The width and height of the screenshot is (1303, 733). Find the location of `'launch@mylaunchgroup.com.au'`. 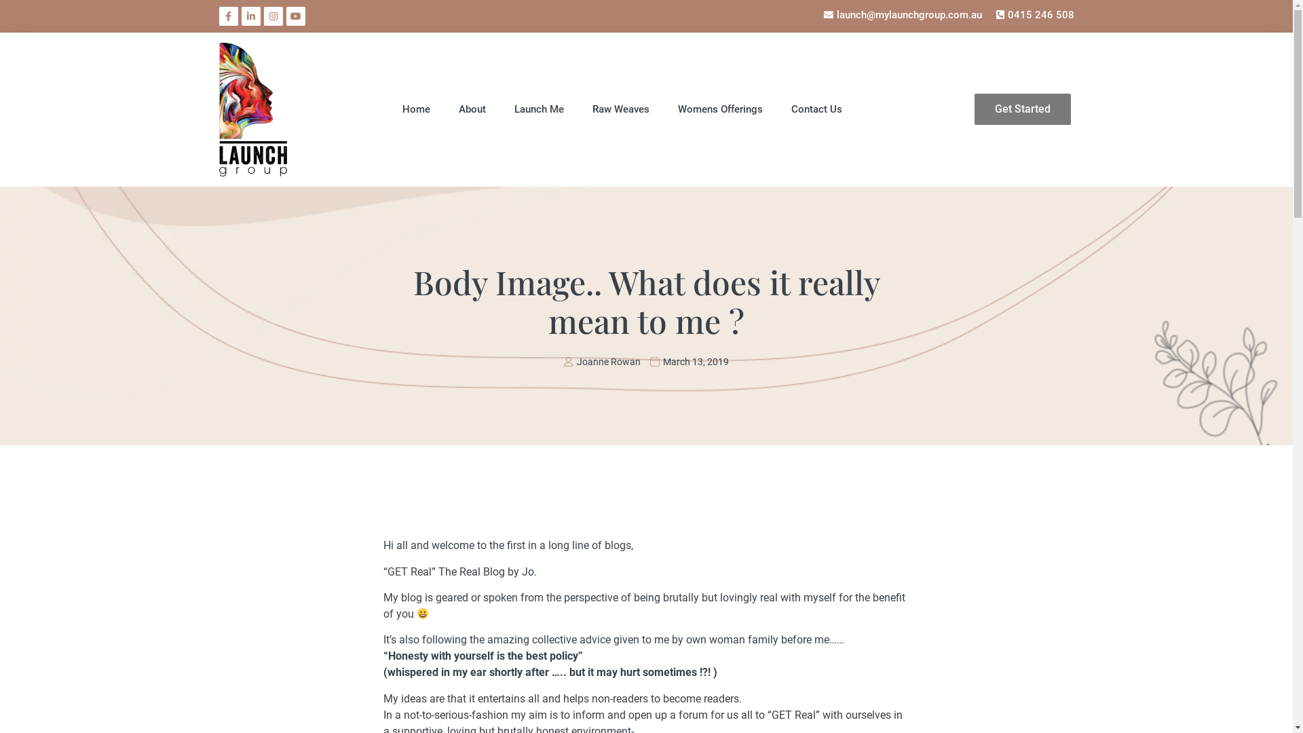

'launch@mylaunchgroup.com.au' is located at coordinates (820, 15).